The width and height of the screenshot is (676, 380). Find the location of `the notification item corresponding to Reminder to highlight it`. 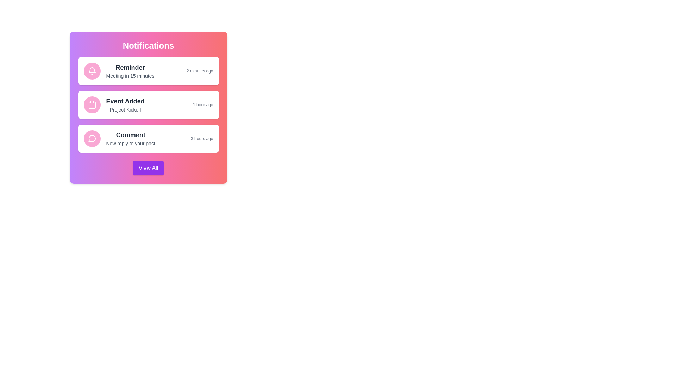

the notification item corresponding to Reminder to highlight it is located at coordinates (148, 71).